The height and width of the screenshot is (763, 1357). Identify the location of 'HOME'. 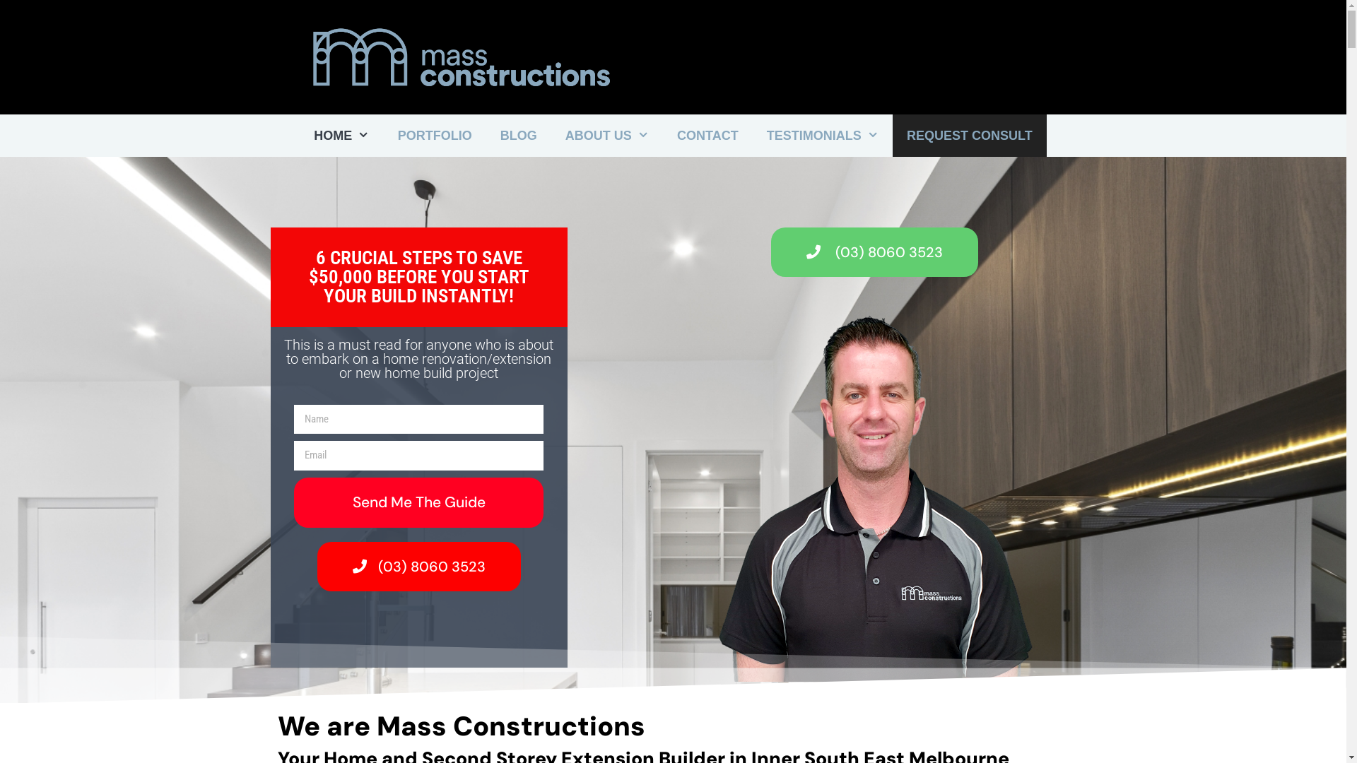
(341, 136).